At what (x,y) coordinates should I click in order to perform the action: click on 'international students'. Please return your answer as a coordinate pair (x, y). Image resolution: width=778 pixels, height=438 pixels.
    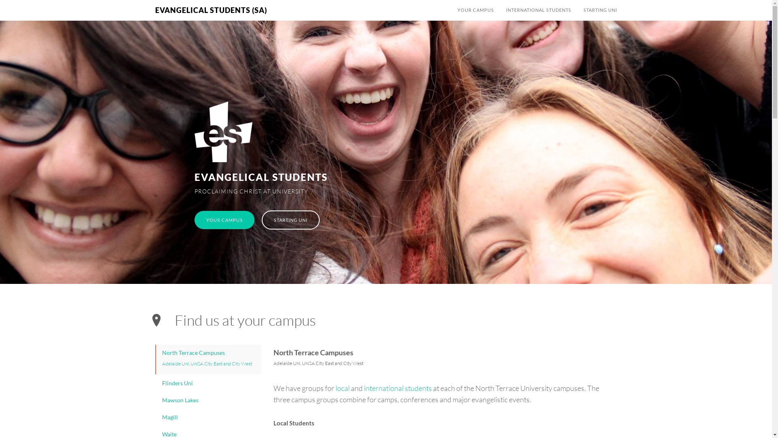
    Looking at the image, I should click on (398, 387).